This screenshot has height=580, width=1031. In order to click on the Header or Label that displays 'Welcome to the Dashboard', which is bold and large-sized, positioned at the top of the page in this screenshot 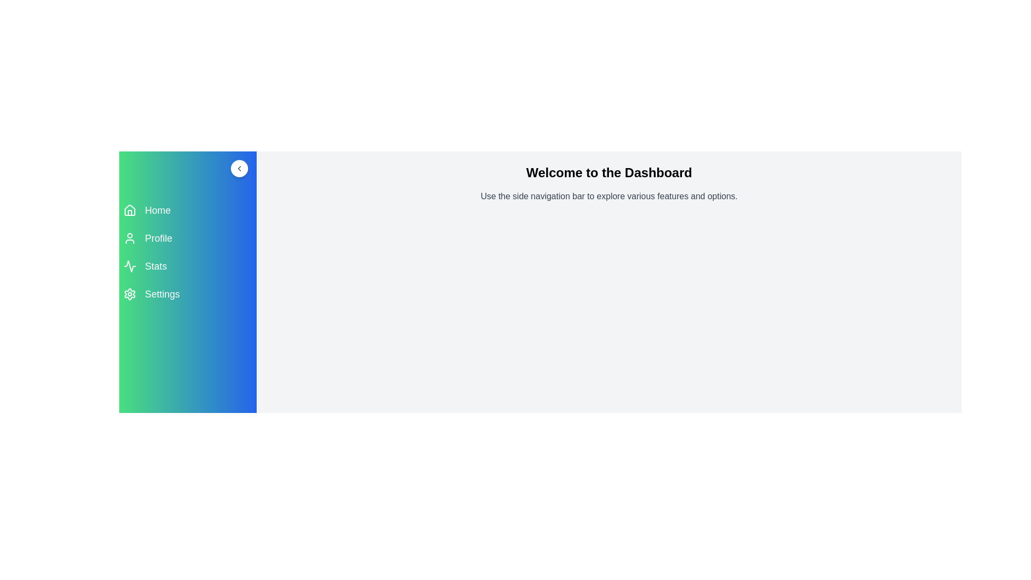, I will do `click(609, 172)`.